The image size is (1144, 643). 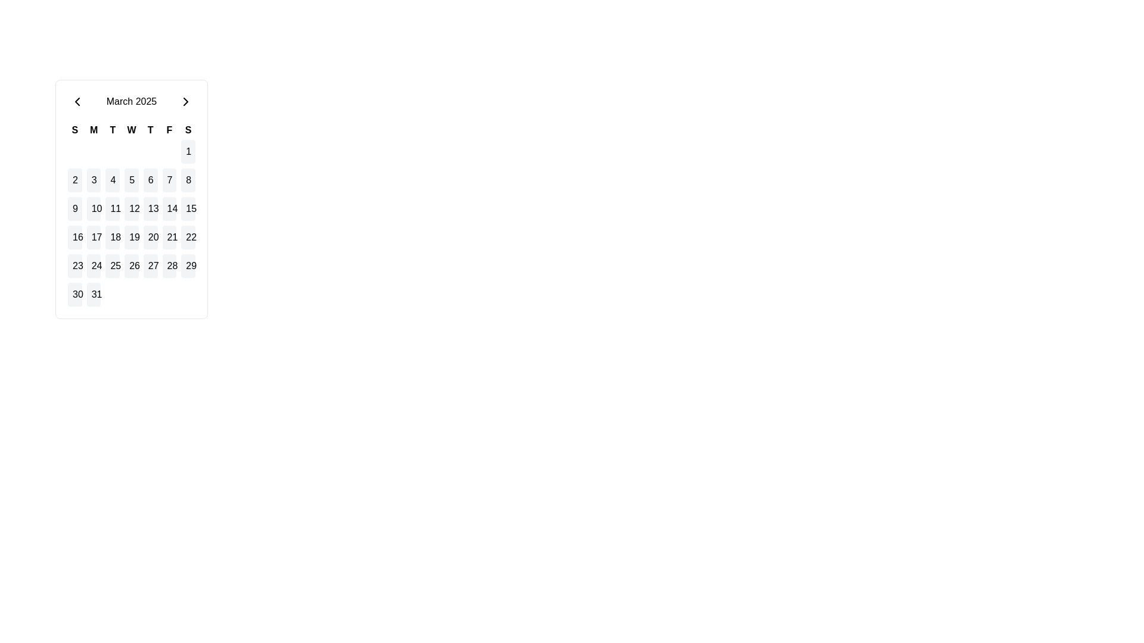 I want to click on the static text label that displays the current month and year in the calendar header, located centrally between the left and right navigation controls, so click(x=131, y=101).